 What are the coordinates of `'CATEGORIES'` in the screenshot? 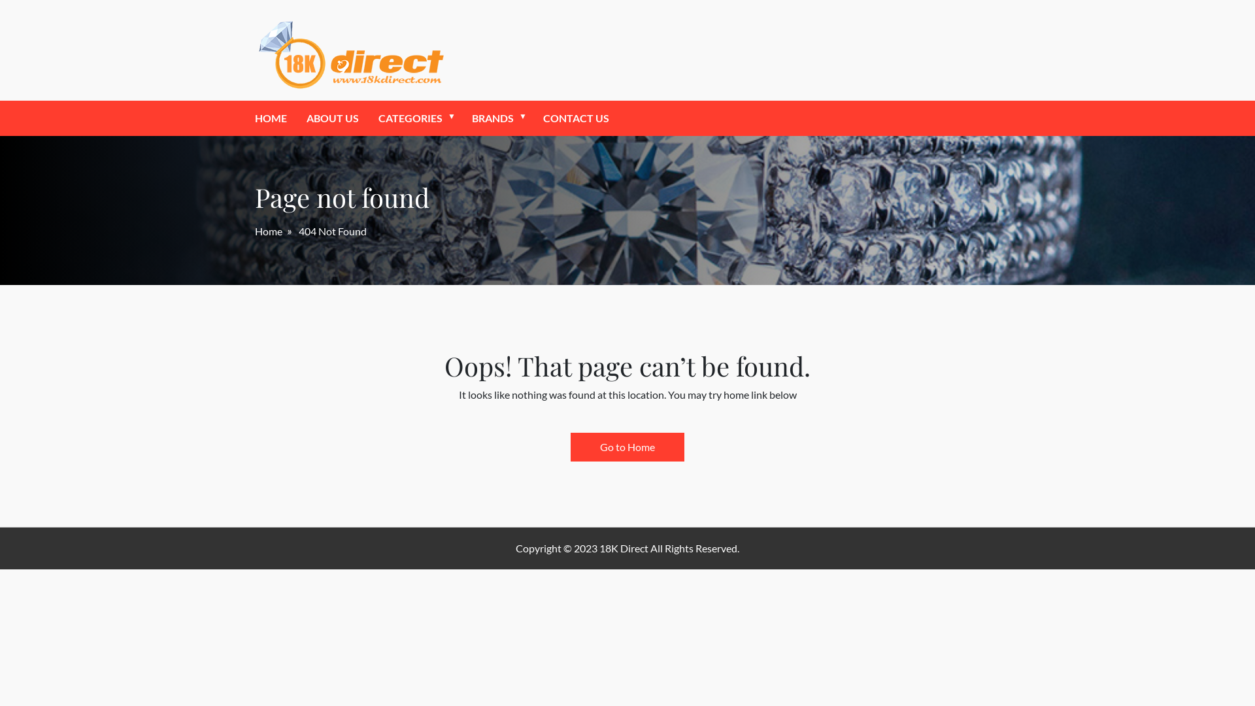 It's located at (410, 118).